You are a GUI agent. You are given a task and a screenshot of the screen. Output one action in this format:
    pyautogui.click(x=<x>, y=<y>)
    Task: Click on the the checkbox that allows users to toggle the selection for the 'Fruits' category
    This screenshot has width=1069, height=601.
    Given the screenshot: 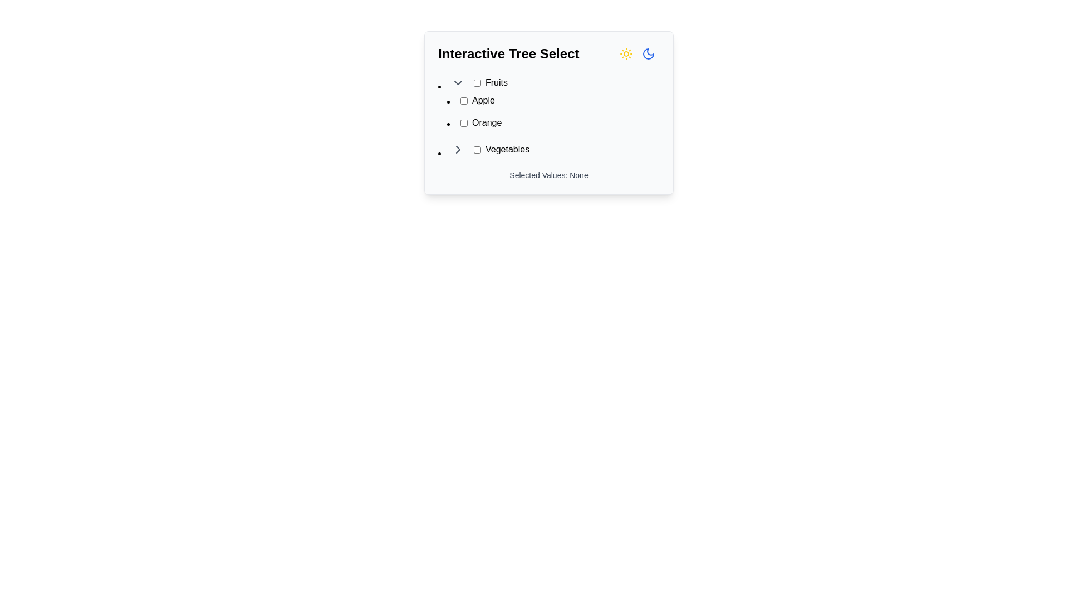 What is the action you would take?
    pyautogui.click(x=477, y=82)
    